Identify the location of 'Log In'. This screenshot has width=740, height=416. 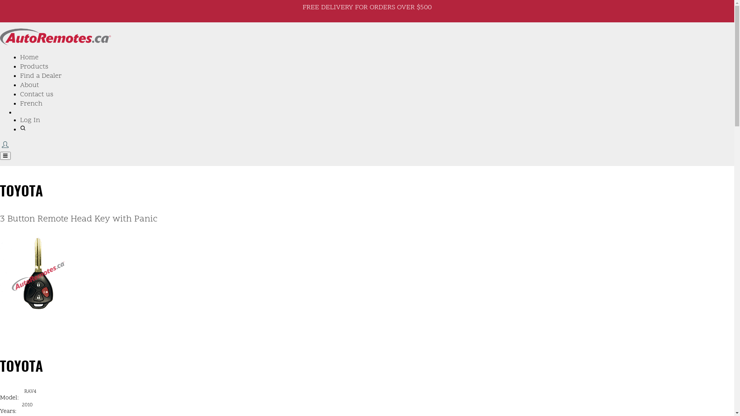
(30, 120).